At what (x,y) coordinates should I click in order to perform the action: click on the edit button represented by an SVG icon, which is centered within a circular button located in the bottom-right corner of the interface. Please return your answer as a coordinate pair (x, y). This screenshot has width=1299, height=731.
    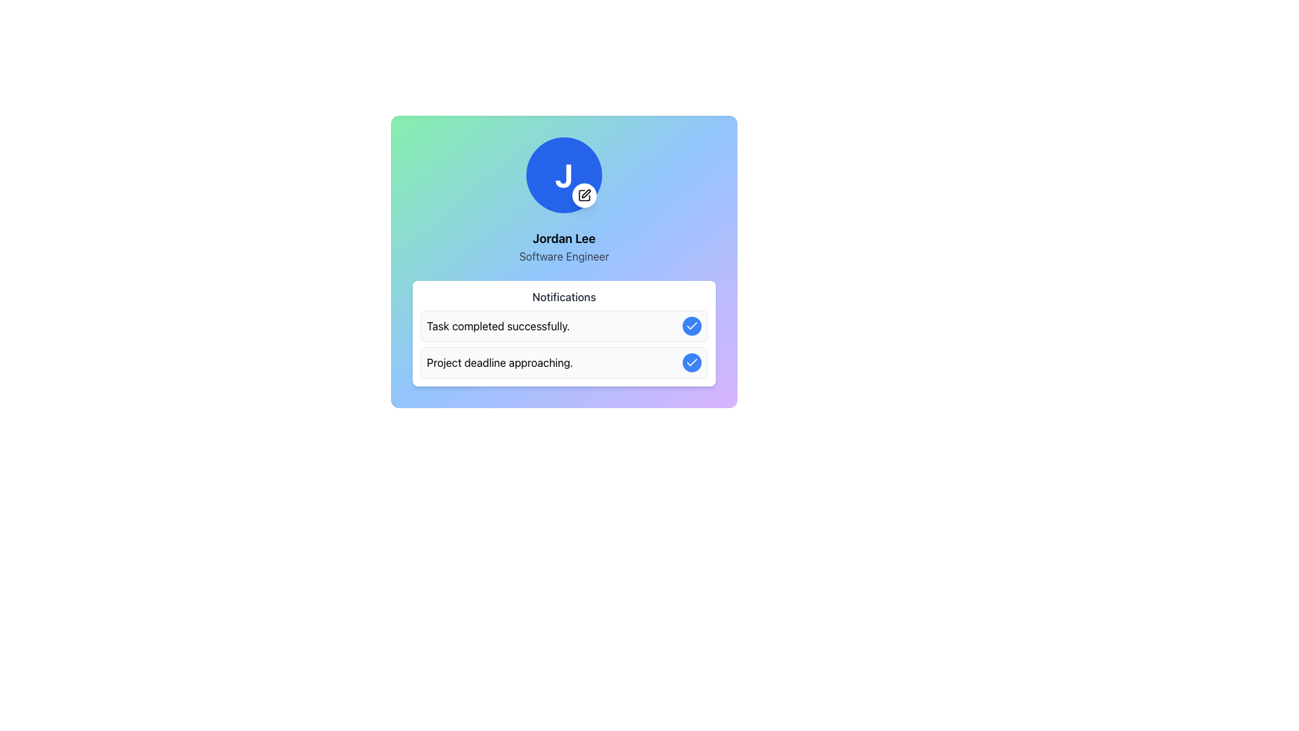
    Looking at the image, I should click on (585, 196).